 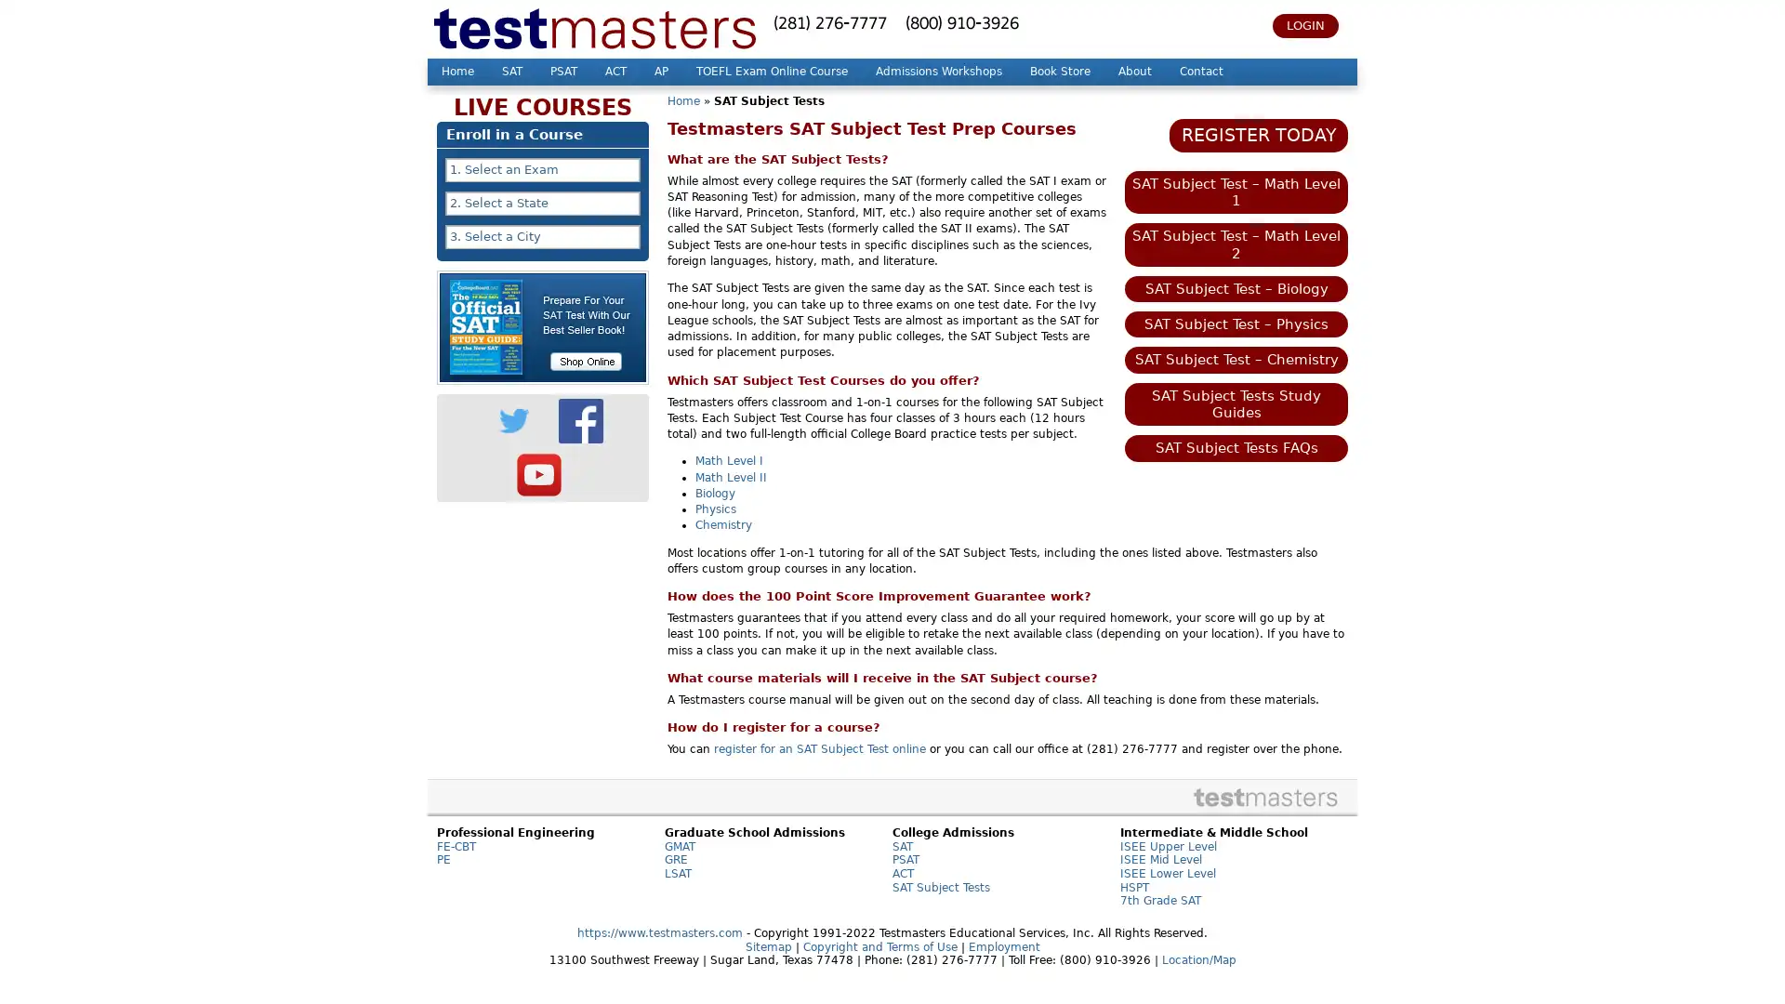 What do you see at coordinates (542, 169) in the screenshot?
I see `1. Select an Exam` at bounding box center [542, 169].